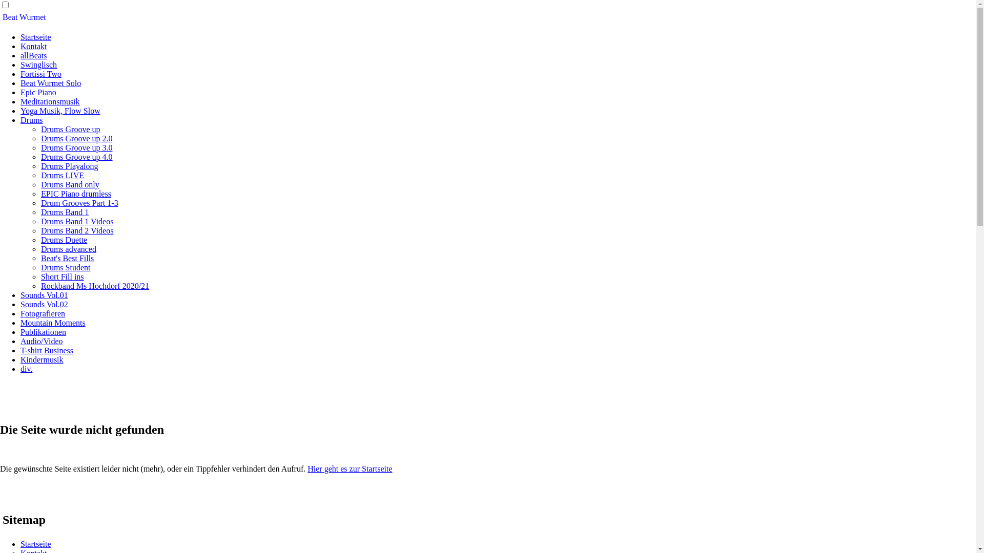  I want to click on 'Drums Playalong', so click(69, 165).